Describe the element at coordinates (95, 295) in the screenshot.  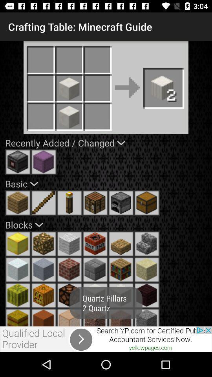
I see `choose option` at that location.